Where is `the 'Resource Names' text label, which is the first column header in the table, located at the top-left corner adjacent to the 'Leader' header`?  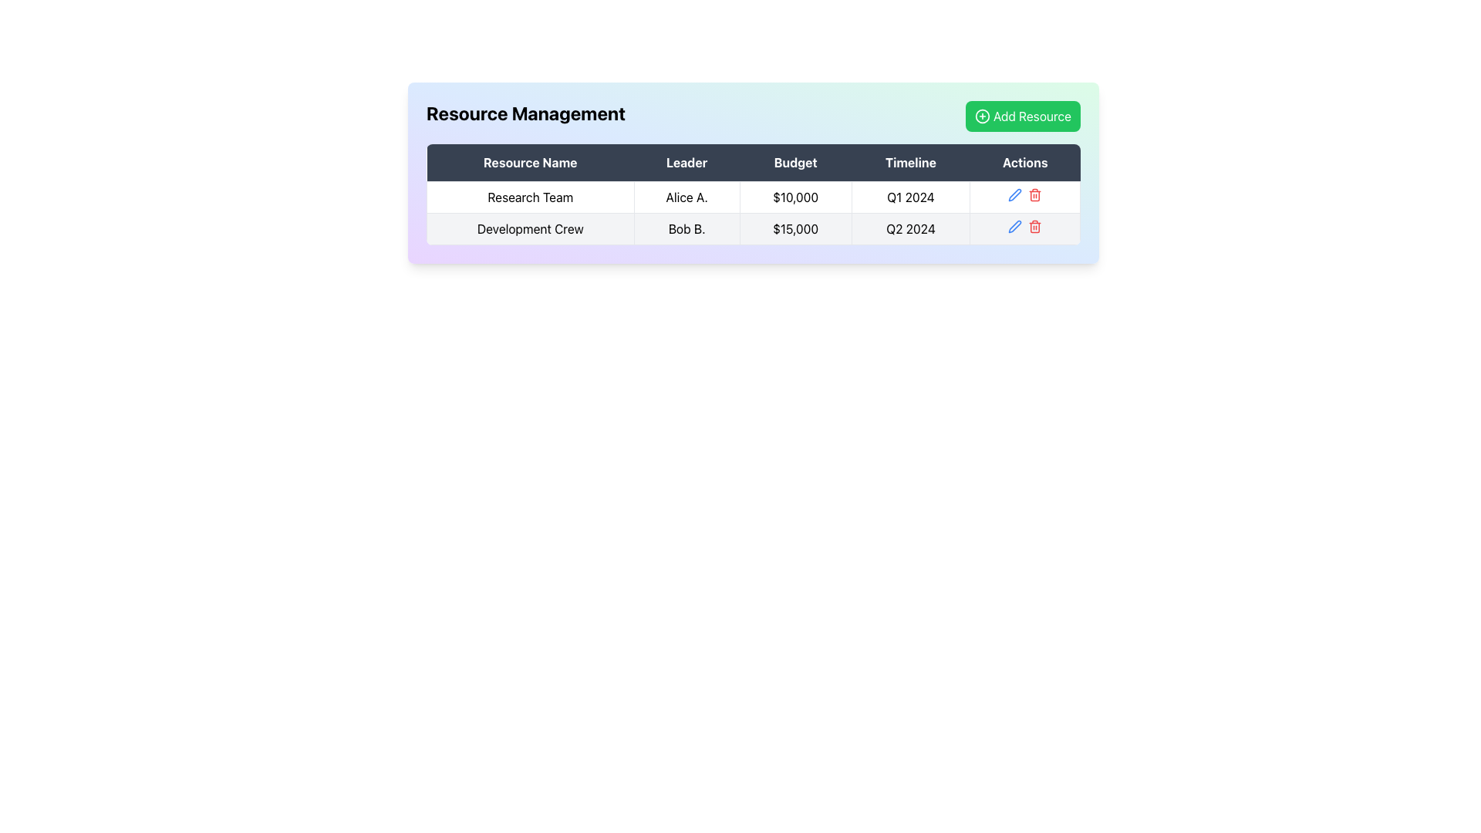
the 'Resource Names' text label, which is the first column header in the table, located at the top-left corner adjacent to the 'Leader' header is located at coordinates (530, 163).